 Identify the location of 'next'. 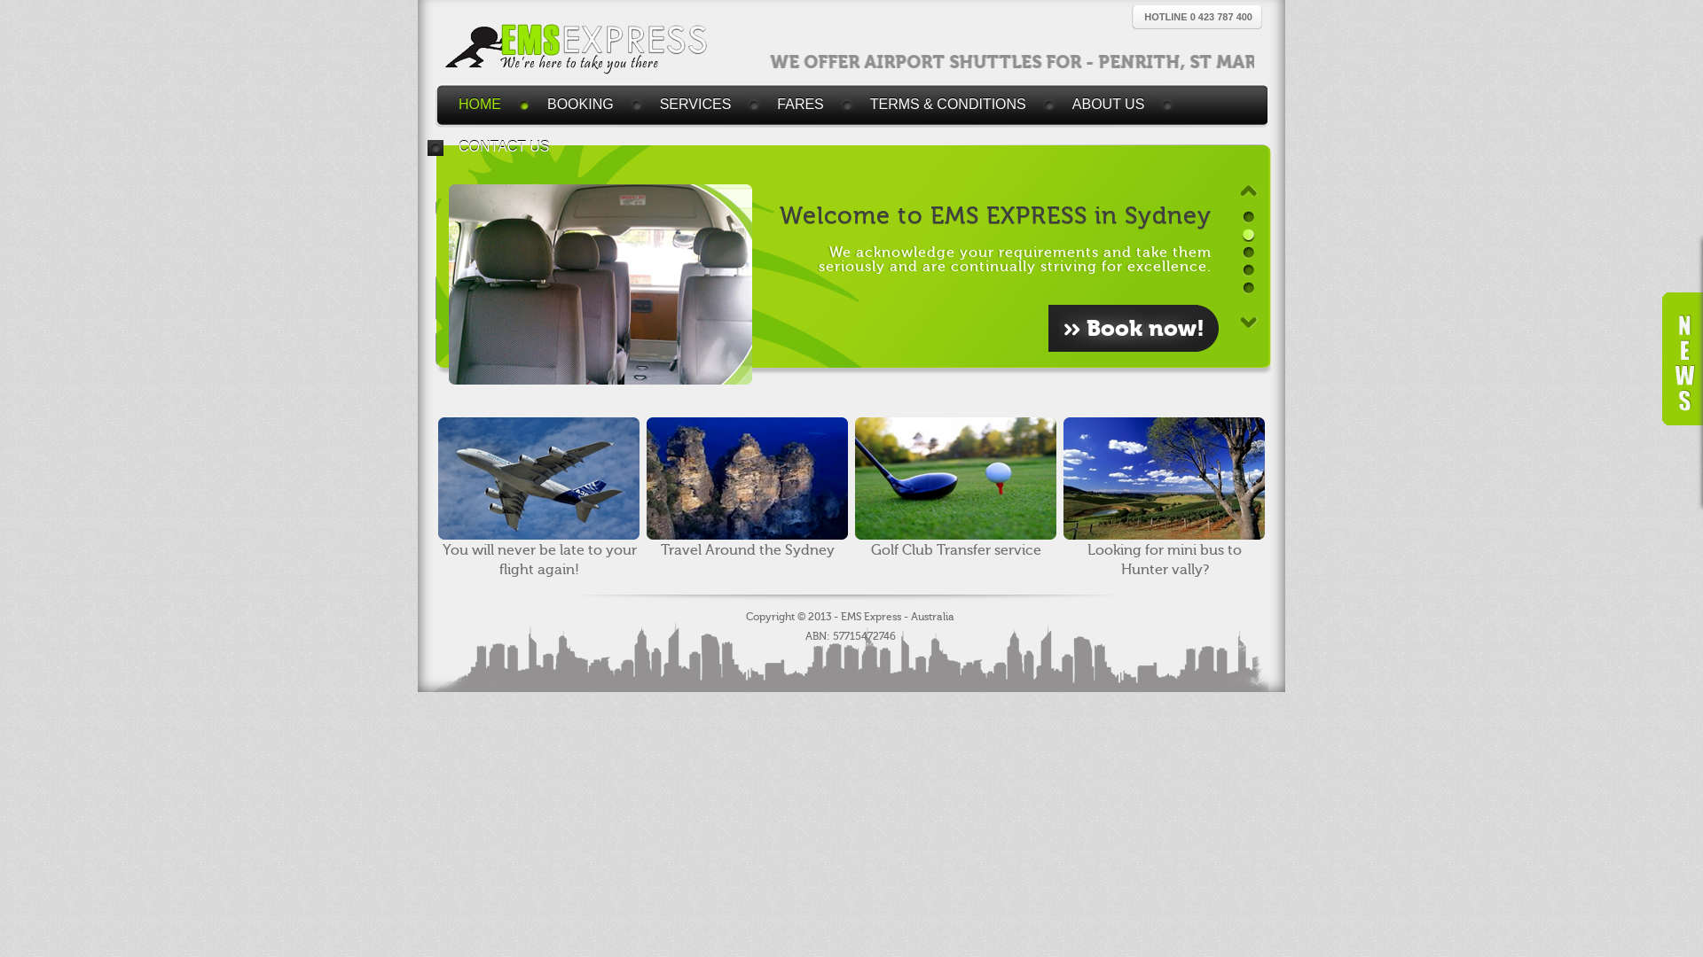
(1247, 322).